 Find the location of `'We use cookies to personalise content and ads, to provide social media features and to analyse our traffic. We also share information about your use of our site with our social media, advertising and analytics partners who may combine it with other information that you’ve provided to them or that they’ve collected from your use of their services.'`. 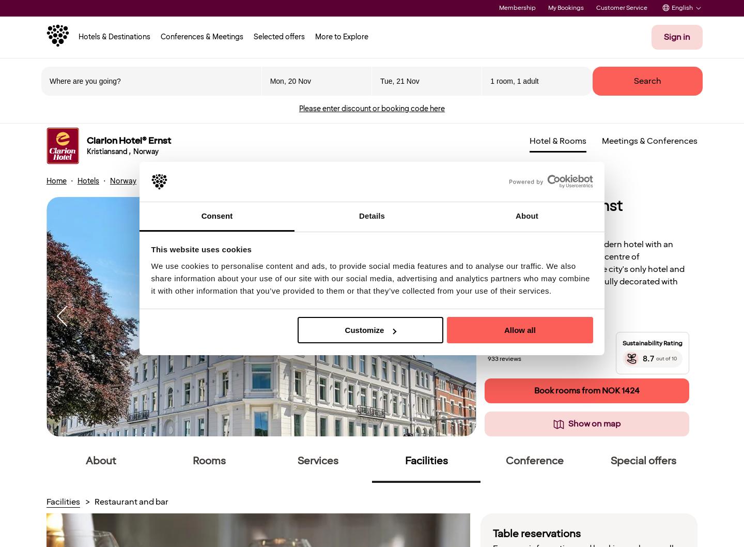

'We use cookies to personalise content and ads, to provide social media features and to analyse our traffic. We also share information about your use of our site with our social media, advertising and analytics partners who may combine it with other information that you’ve provided to them or that they’ve collected from your use of their services.' is located at coordinates (370, 278).